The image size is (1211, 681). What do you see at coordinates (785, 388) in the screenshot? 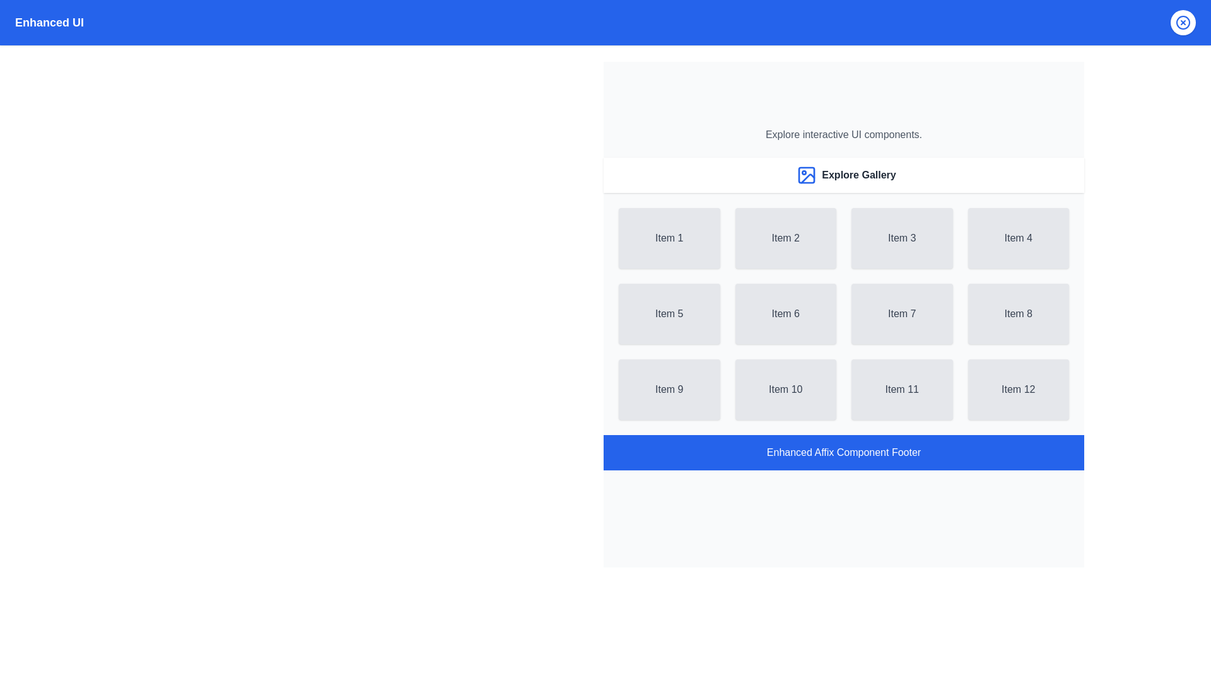
I see `the button-like grid item identified as 'Item 10' by navigating to it` at bounding box center [785, 388].